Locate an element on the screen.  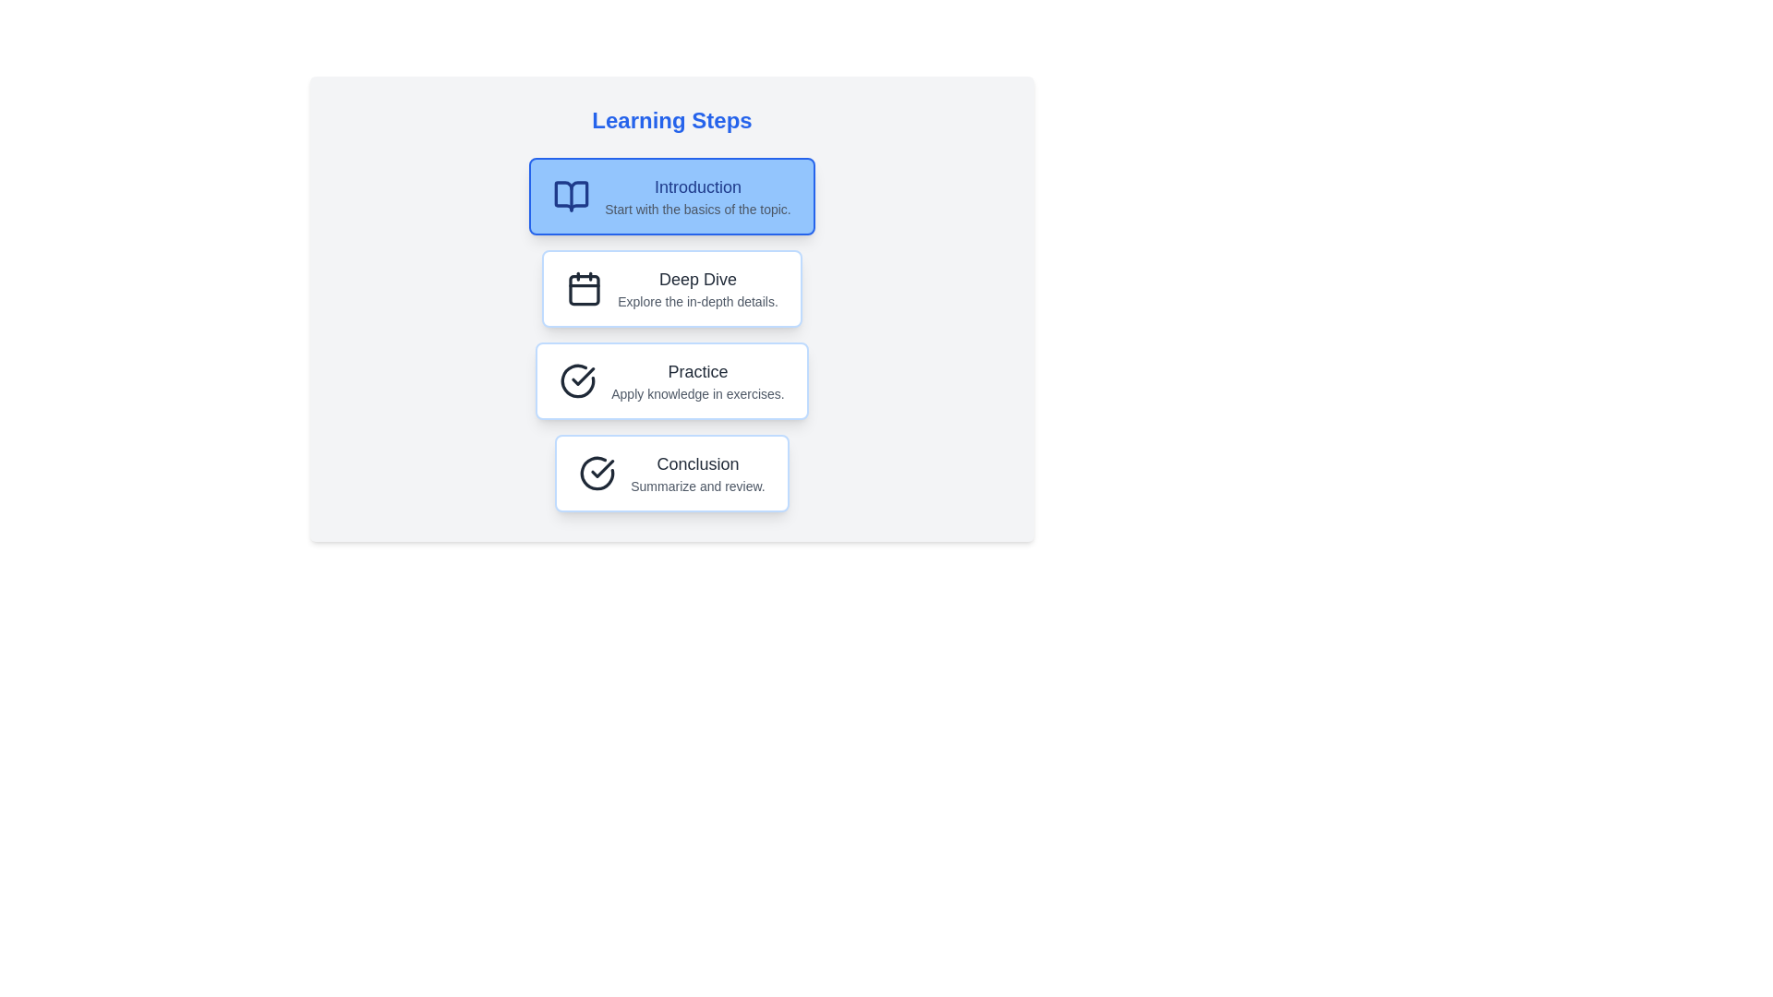
the Icon indicating the state or category of the 'Conclusion' section, which is positioned to the left of the text block reading 'Conclusion Summarize and review.' is located at coordinates (597, 473).